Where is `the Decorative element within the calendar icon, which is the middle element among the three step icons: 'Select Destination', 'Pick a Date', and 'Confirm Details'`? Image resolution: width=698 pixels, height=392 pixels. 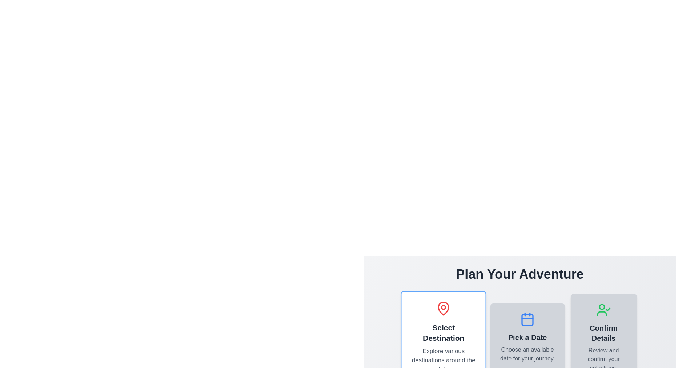
the Decorative element within the calendar icon, which is the middle element among the three step icons: 'Select Destination', 'Pick a Date', and 'Confirm Details' is located at coordinates (527, 319).